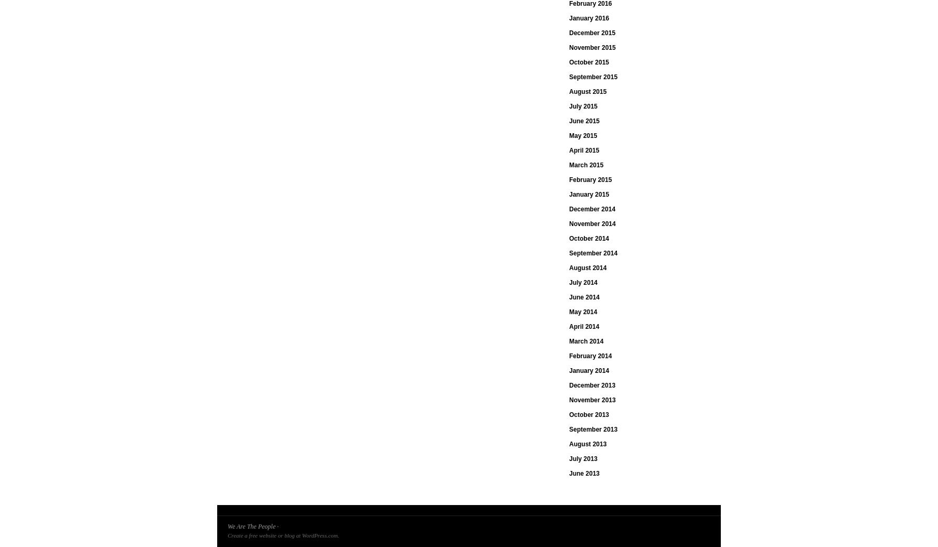 The height and width of the screenshot is (547, 938). I want to click on 'December 2013', so click(591, 385).